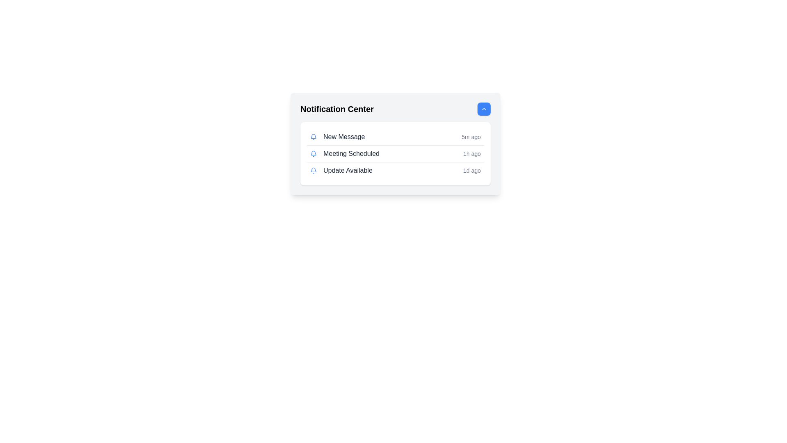  I want to click on the 'Notification Center' text label, which is bold and prominently displayed in dark color against a light background, so click(337, 109).